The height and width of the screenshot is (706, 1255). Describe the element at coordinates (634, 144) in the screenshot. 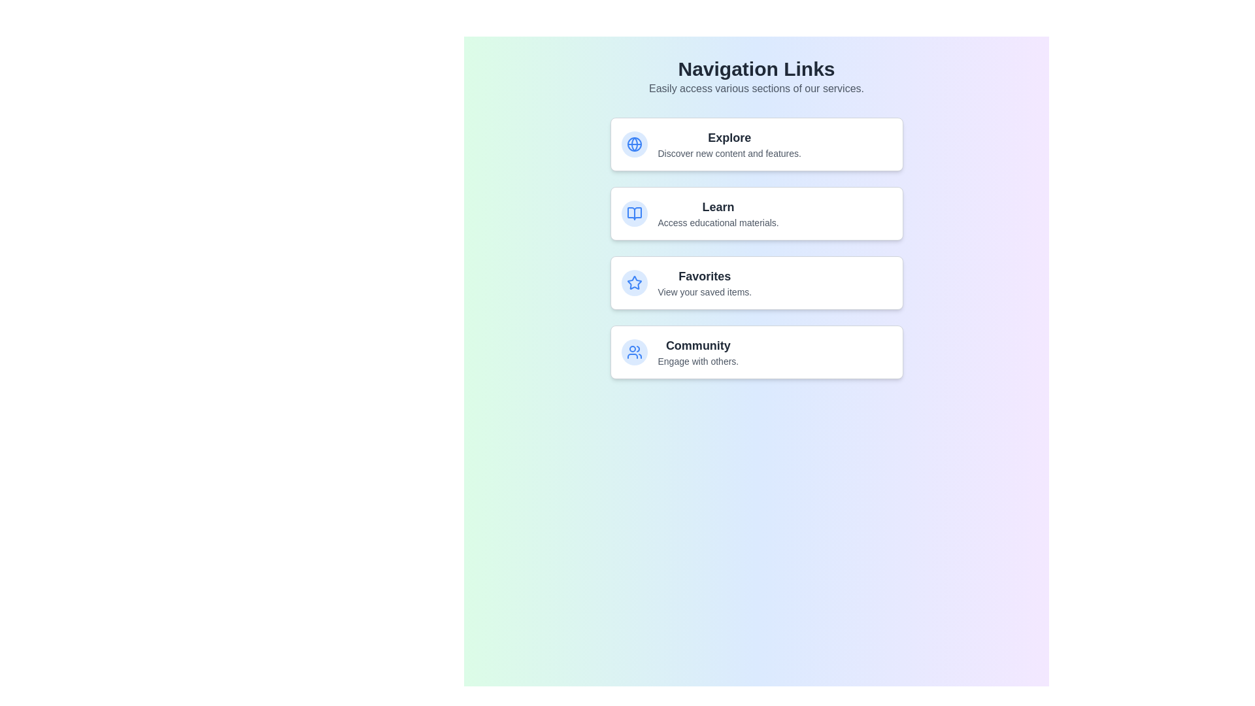

I see `the 'Explore' icon element located to the left of the 'Explore' text in the 'Navigation Links' section` at that location.